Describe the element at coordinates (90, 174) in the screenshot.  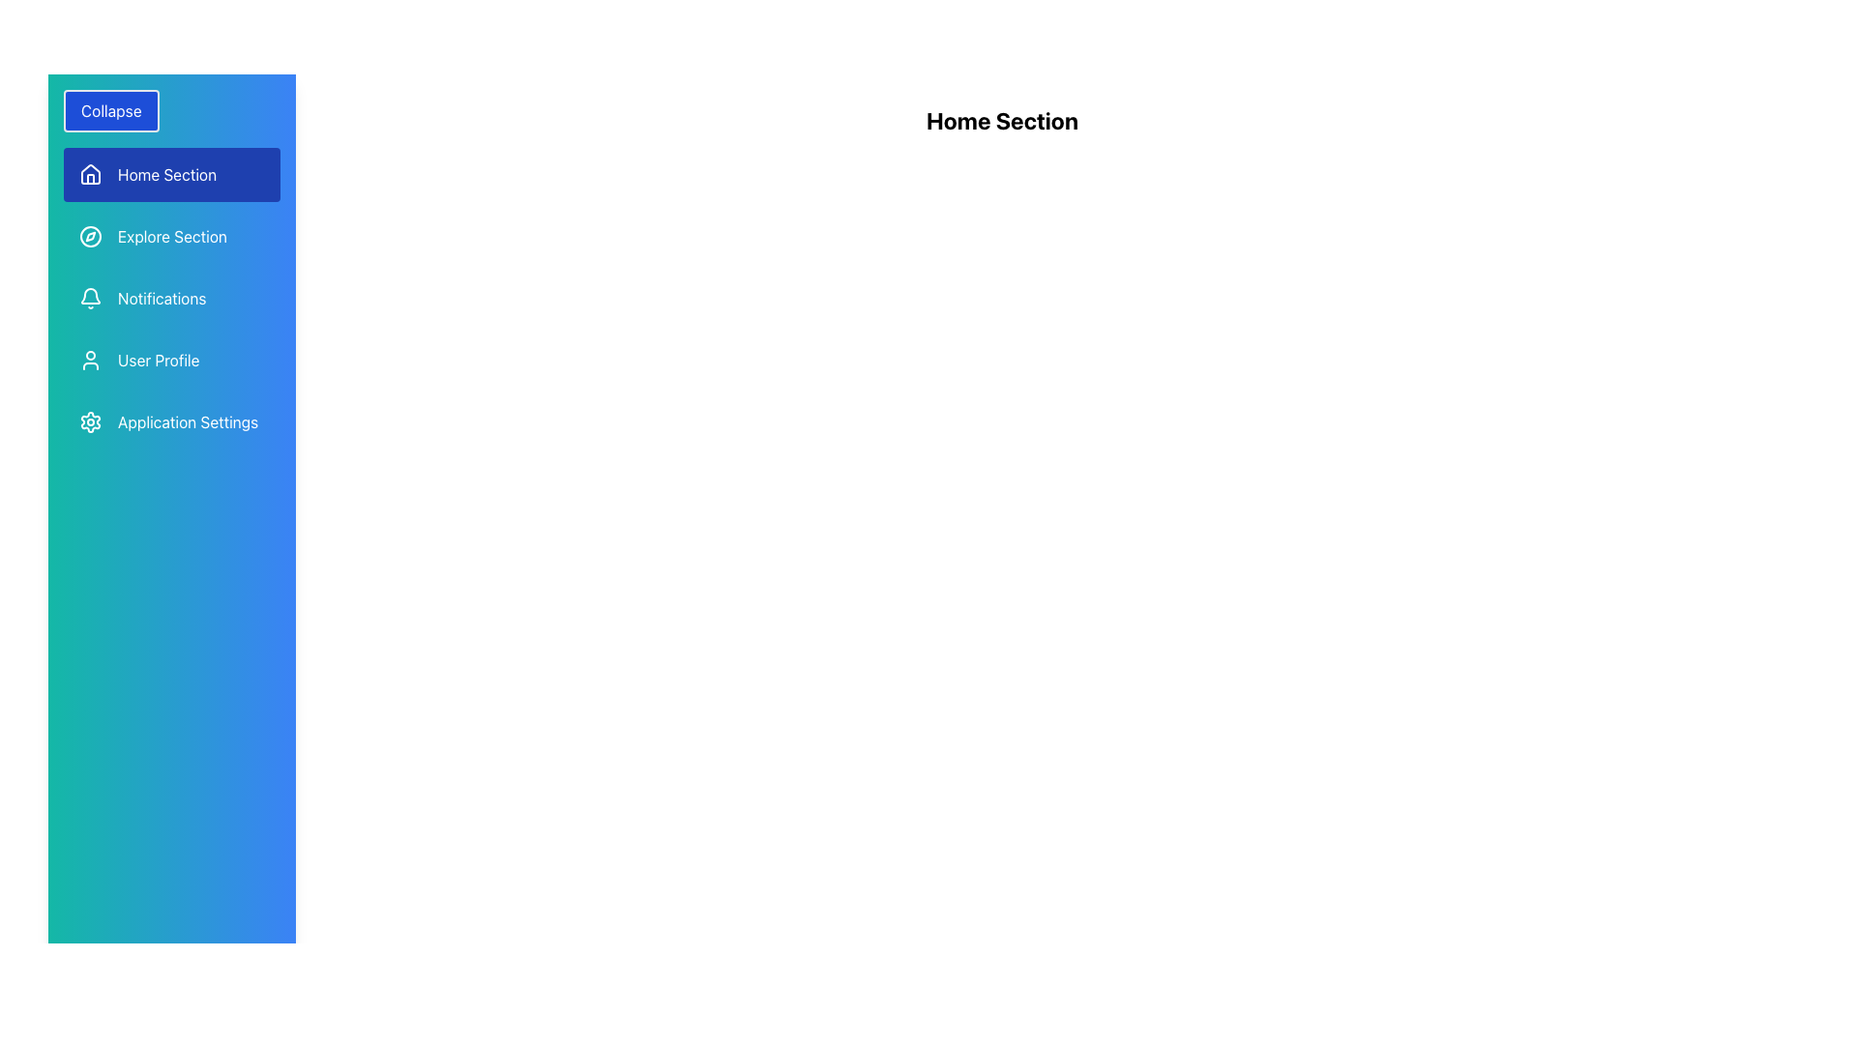
I see `the 'Home Section' icon located in the sidebar menu` at that location.